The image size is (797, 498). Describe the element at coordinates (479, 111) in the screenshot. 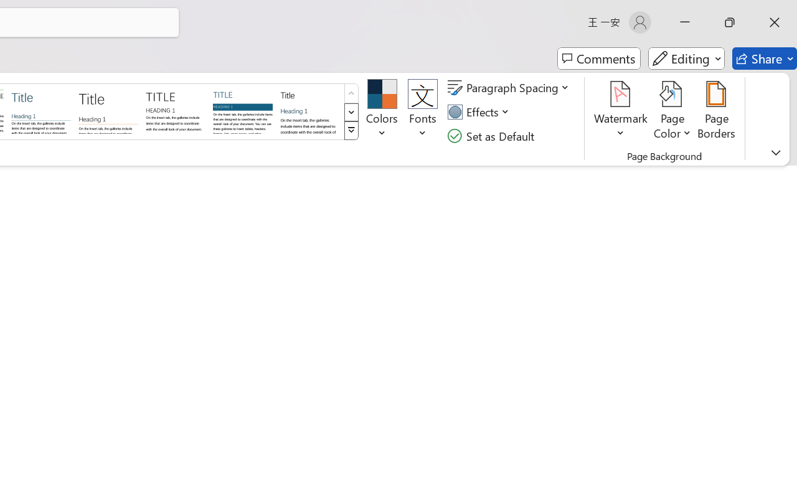

I see `'Effects'` at that location.